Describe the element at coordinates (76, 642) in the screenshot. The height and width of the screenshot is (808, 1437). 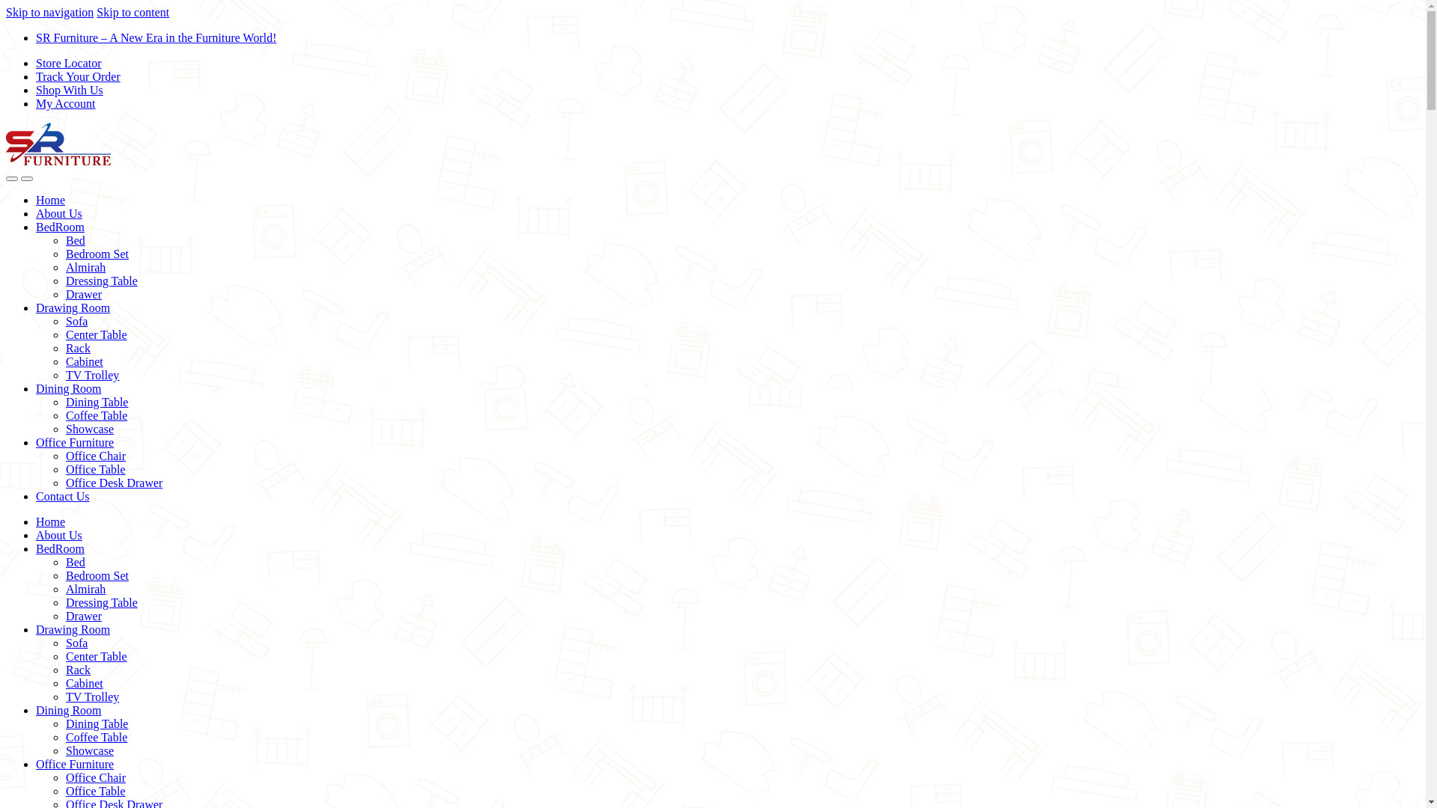
I see `'Sofa'` at that location.